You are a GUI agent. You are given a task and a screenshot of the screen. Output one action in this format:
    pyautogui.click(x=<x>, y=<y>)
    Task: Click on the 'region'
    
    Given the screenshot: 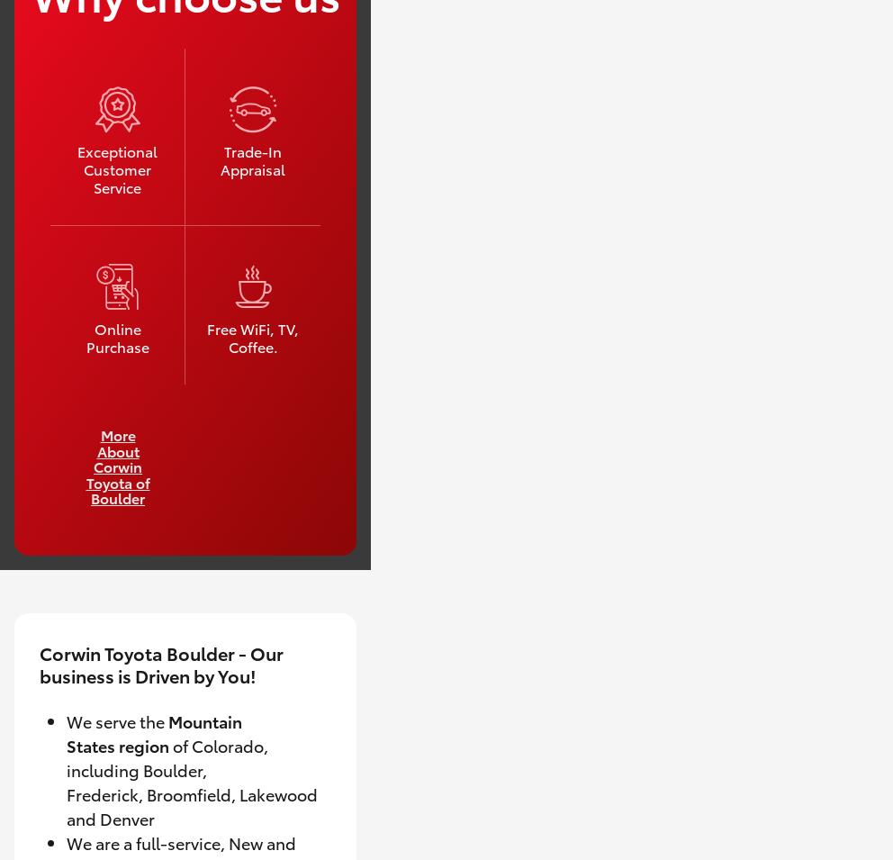 What is the action you would take?
    pyautogui.click(x=144, y=745)
    